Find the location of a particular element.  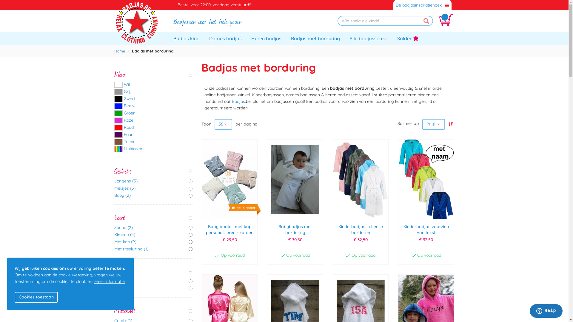

'Meer informatie' is located at coordinates (109, 281).